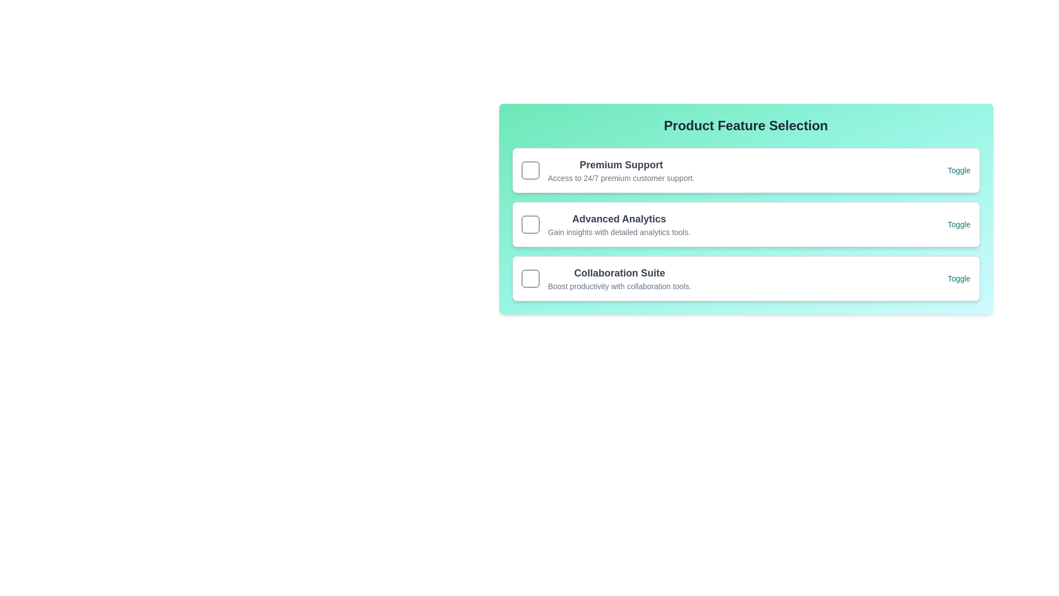 The image size is (1059, 596). Describe the element at coordinates (958, 170) in the screenshot. I see `the 'Toggle' hyperlink styled in teal, located to the right of the 'Premium Support' feature option` at that location.